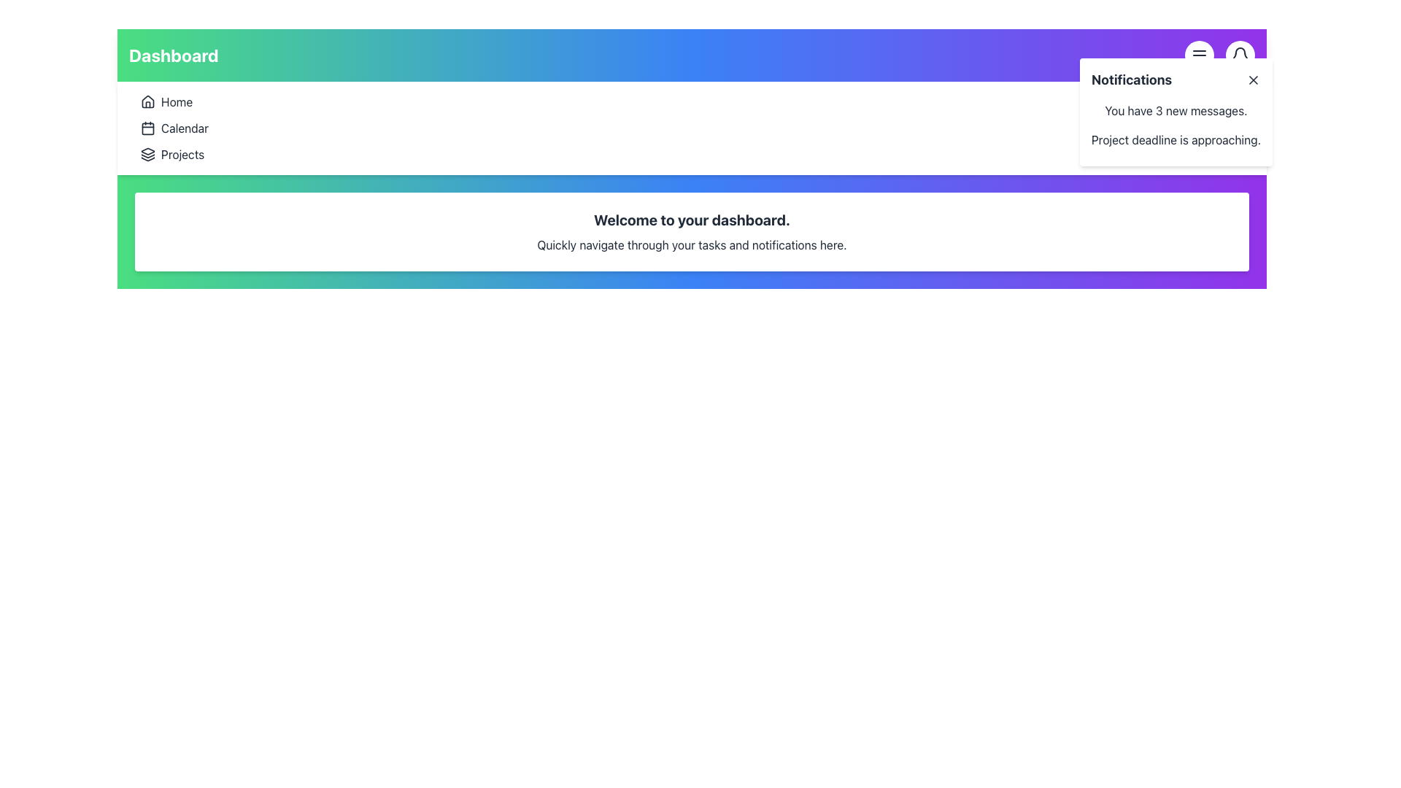  Describe the element at coordinates (1176, 140) in the screenshot. I see `the notification text indicating the approaching project deadline, located beneath 'You have 3 new messages.' in the top-right corner of the application interface` at that location.